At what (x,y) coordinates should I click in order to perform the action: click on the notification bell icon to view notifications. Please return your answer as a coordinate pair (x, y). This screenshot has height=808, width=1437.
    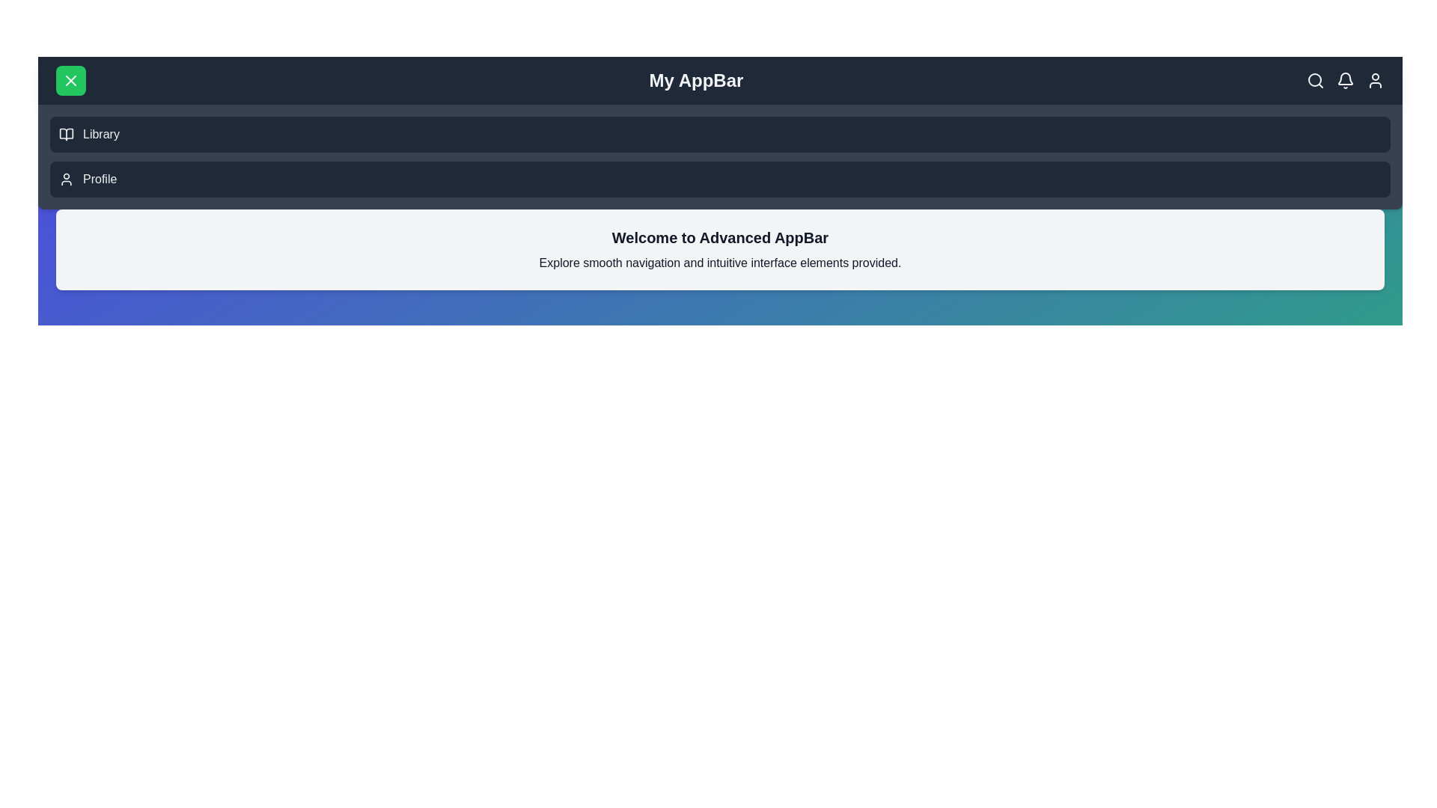
    Looking at the image, I should click on (1345, 81).